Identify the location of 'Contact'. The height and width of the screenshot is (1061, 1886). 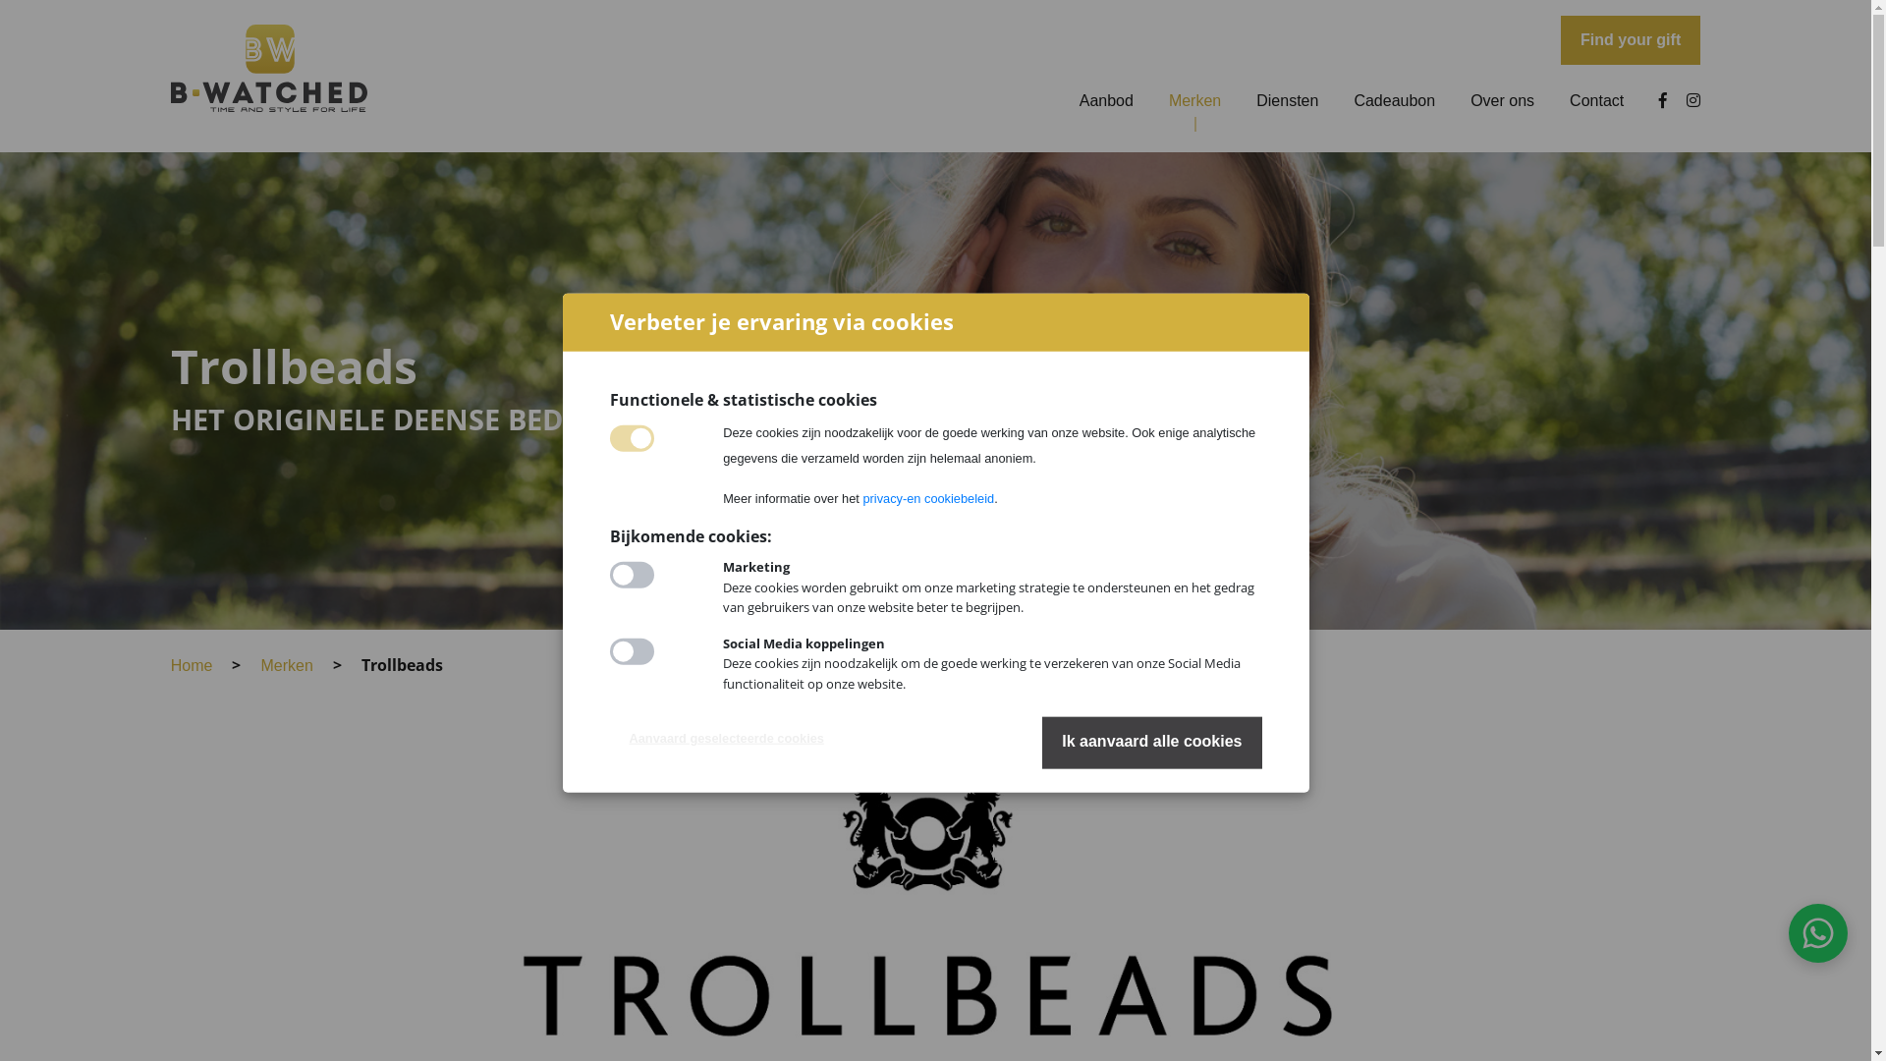
(1596, 100).